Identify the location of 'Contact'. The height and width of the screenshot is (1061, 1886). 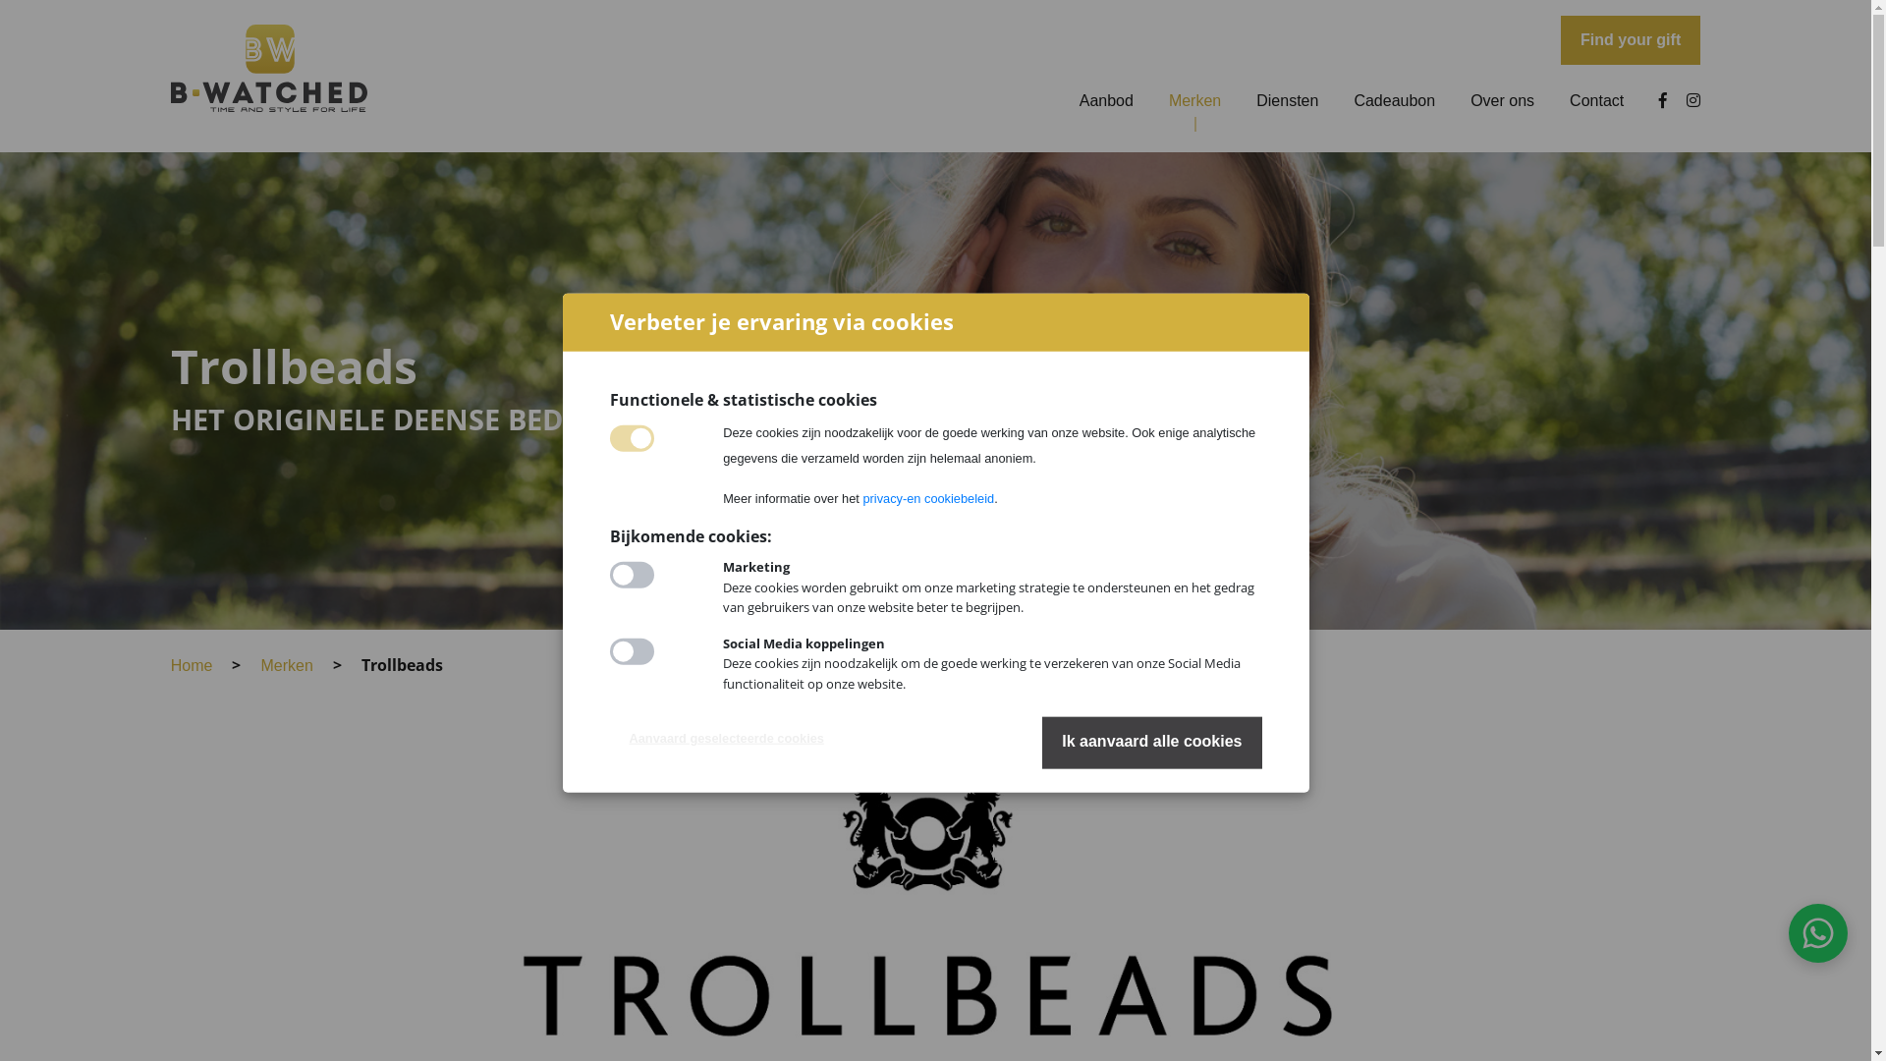
(1596, 100).